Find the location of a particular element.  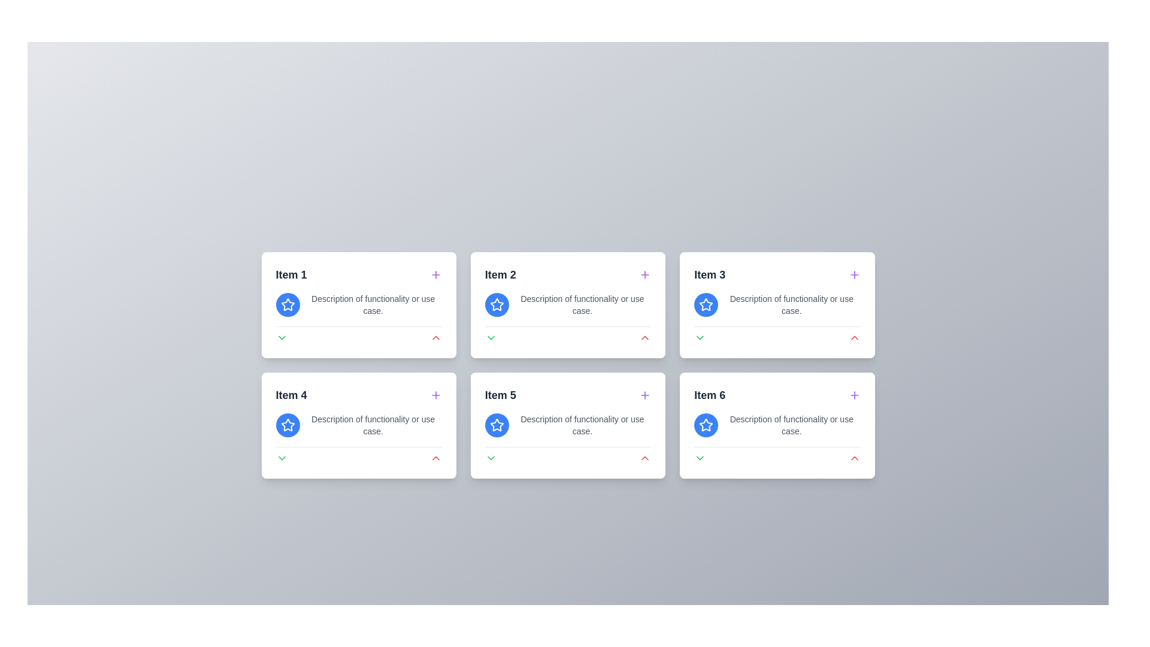

the Static text label displaying 'Item 4' located in the top-left corner of the card in the second row, first column of a grid layout is located at coordinates (291, 395).